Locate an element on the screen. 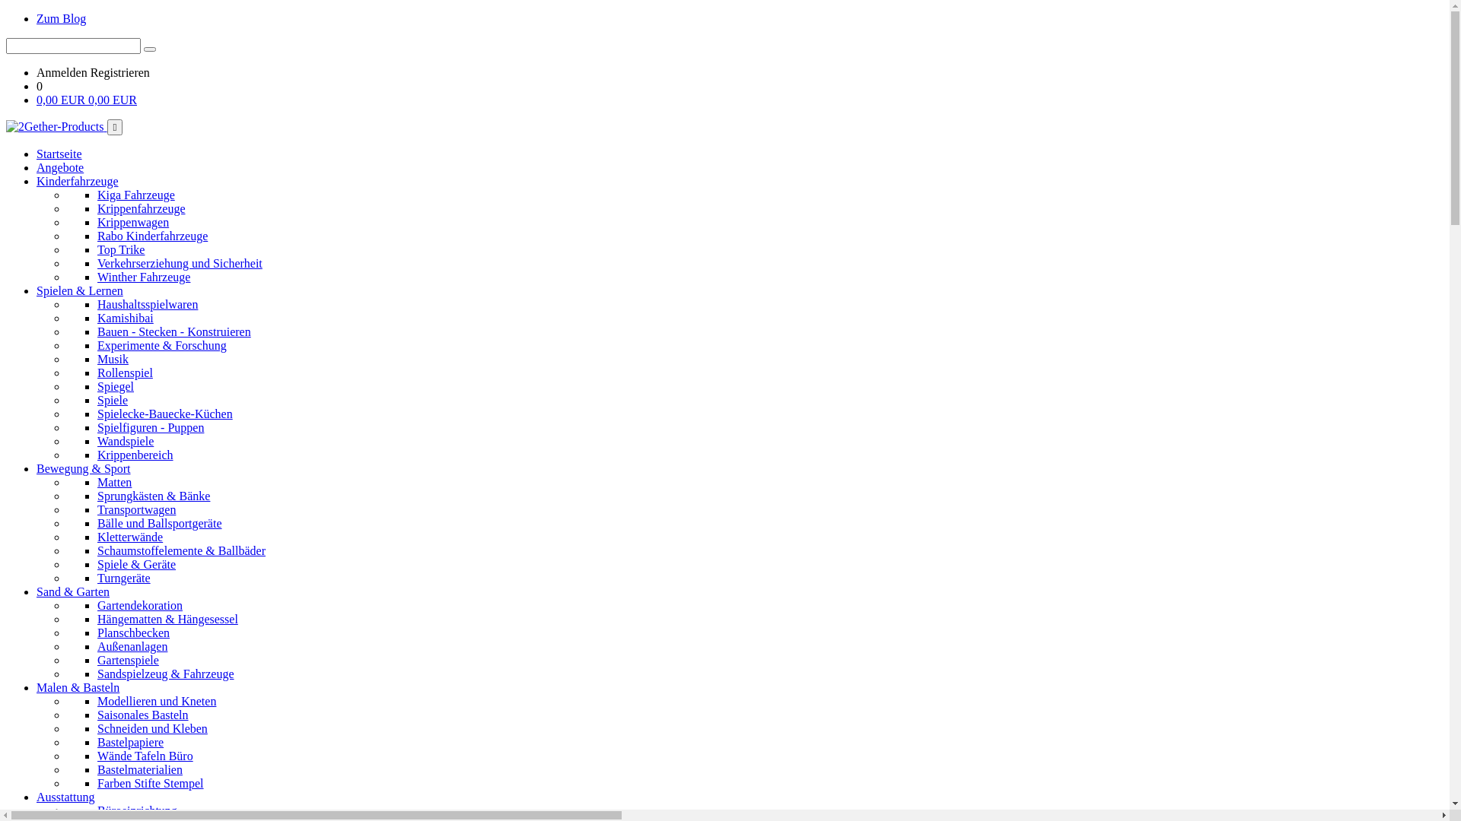 The height and width of the screenshot is (821, 1461). 'Anmelden' is located at coordinates (62, 72).